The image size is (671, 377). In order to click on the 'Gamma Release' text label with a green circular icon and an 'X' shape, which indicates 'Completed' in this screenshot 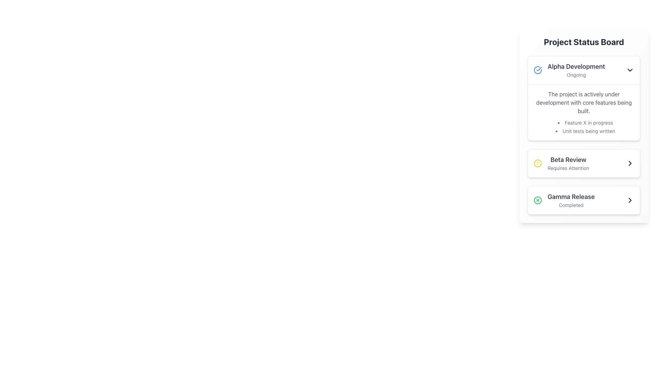, I will do `click(564, 200)`.